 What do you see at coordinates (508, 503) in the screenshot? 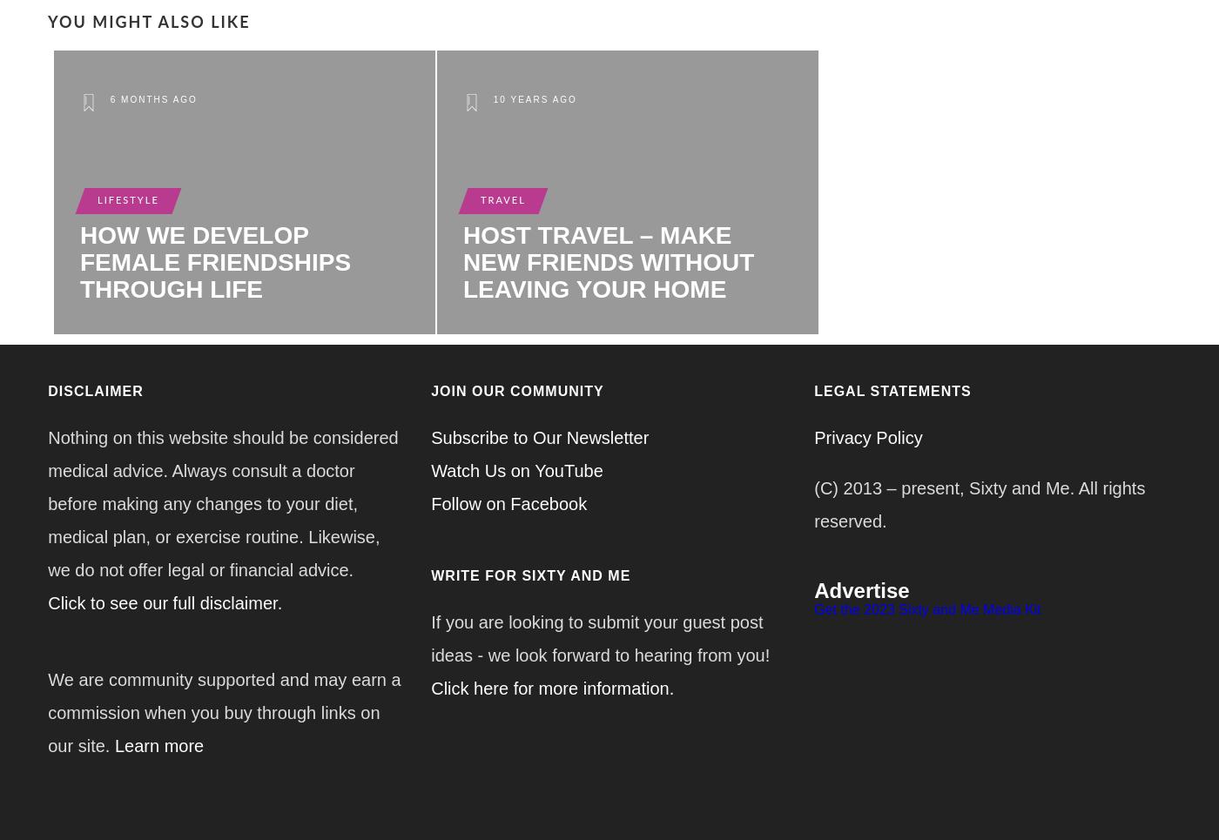
I see `'Follow on Facebook'` at bounding box center [508, 503].